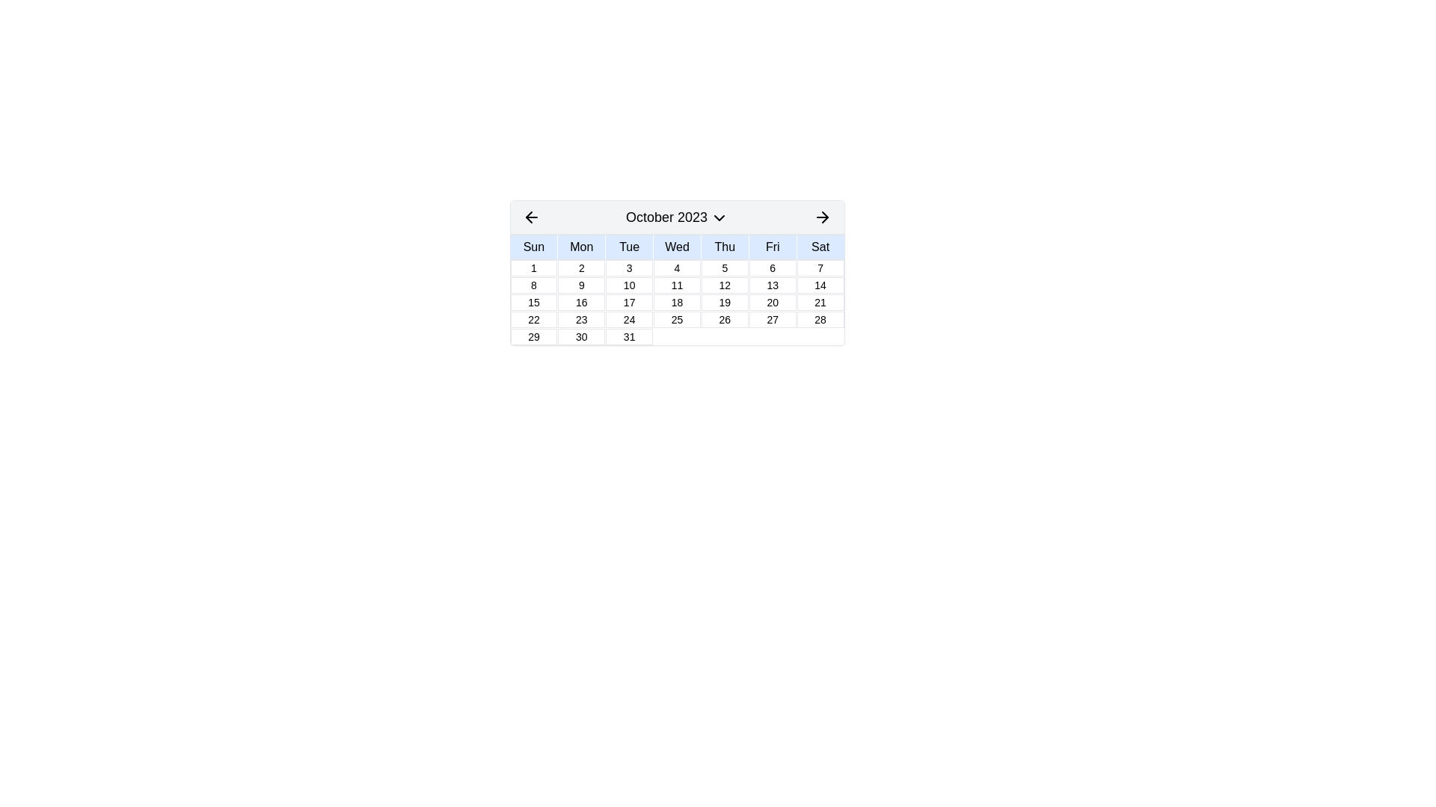 This screenshot has width=1436, height=807. Describe the element at coordinates (820, 285) in the screenshot. I see `the text element displaying the number '14' located in the sixth column and second row of the calendar grid under the header 'Sat'` at that location.